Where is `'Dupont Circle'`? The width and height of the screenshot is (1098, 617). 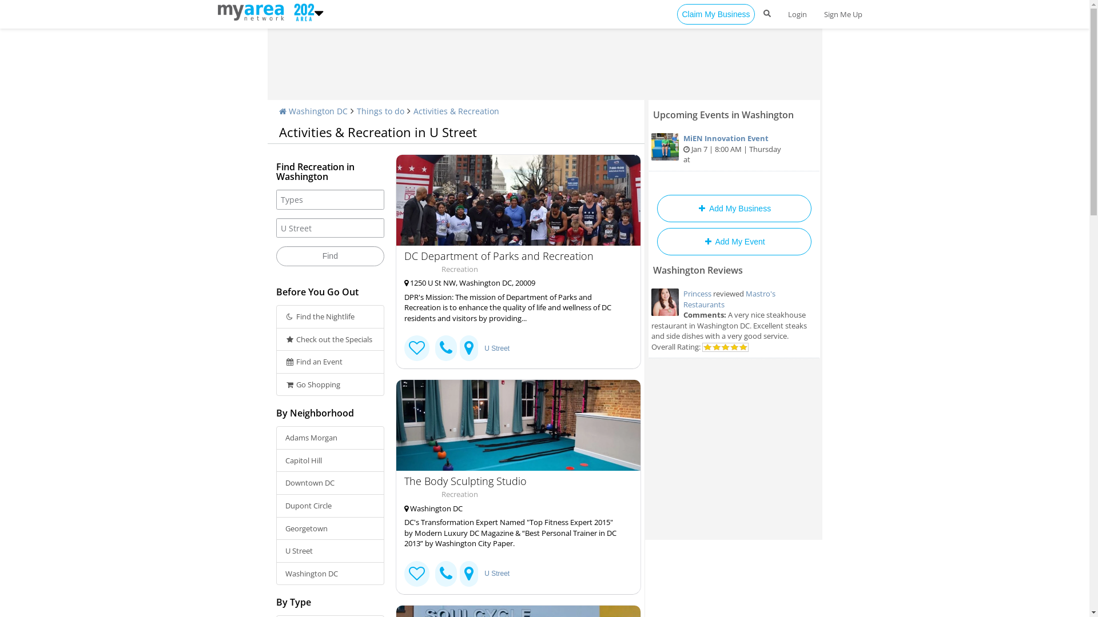
'Dupont Circle' is located at coordinates (329, 505).